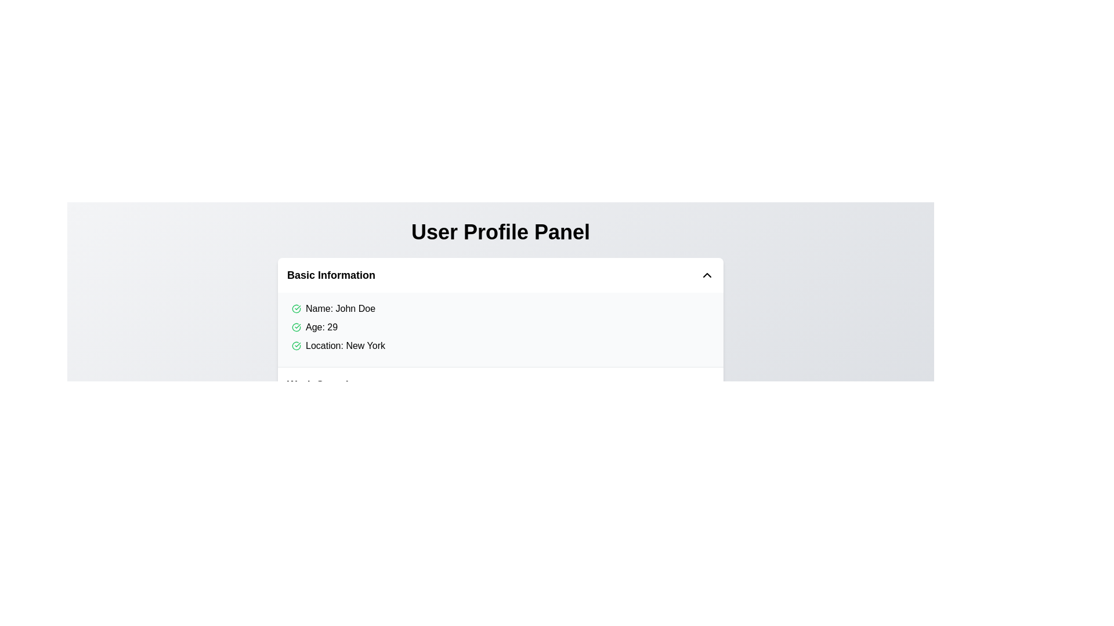 This screenshot has width=1114, height=626. Describe the element at coordinates (296, 308) in the screenshot. I see `the validation status indicator icon located to the left of the text 'Name: John Doe' in the 'Basic Information' section of the profile page` at that location.